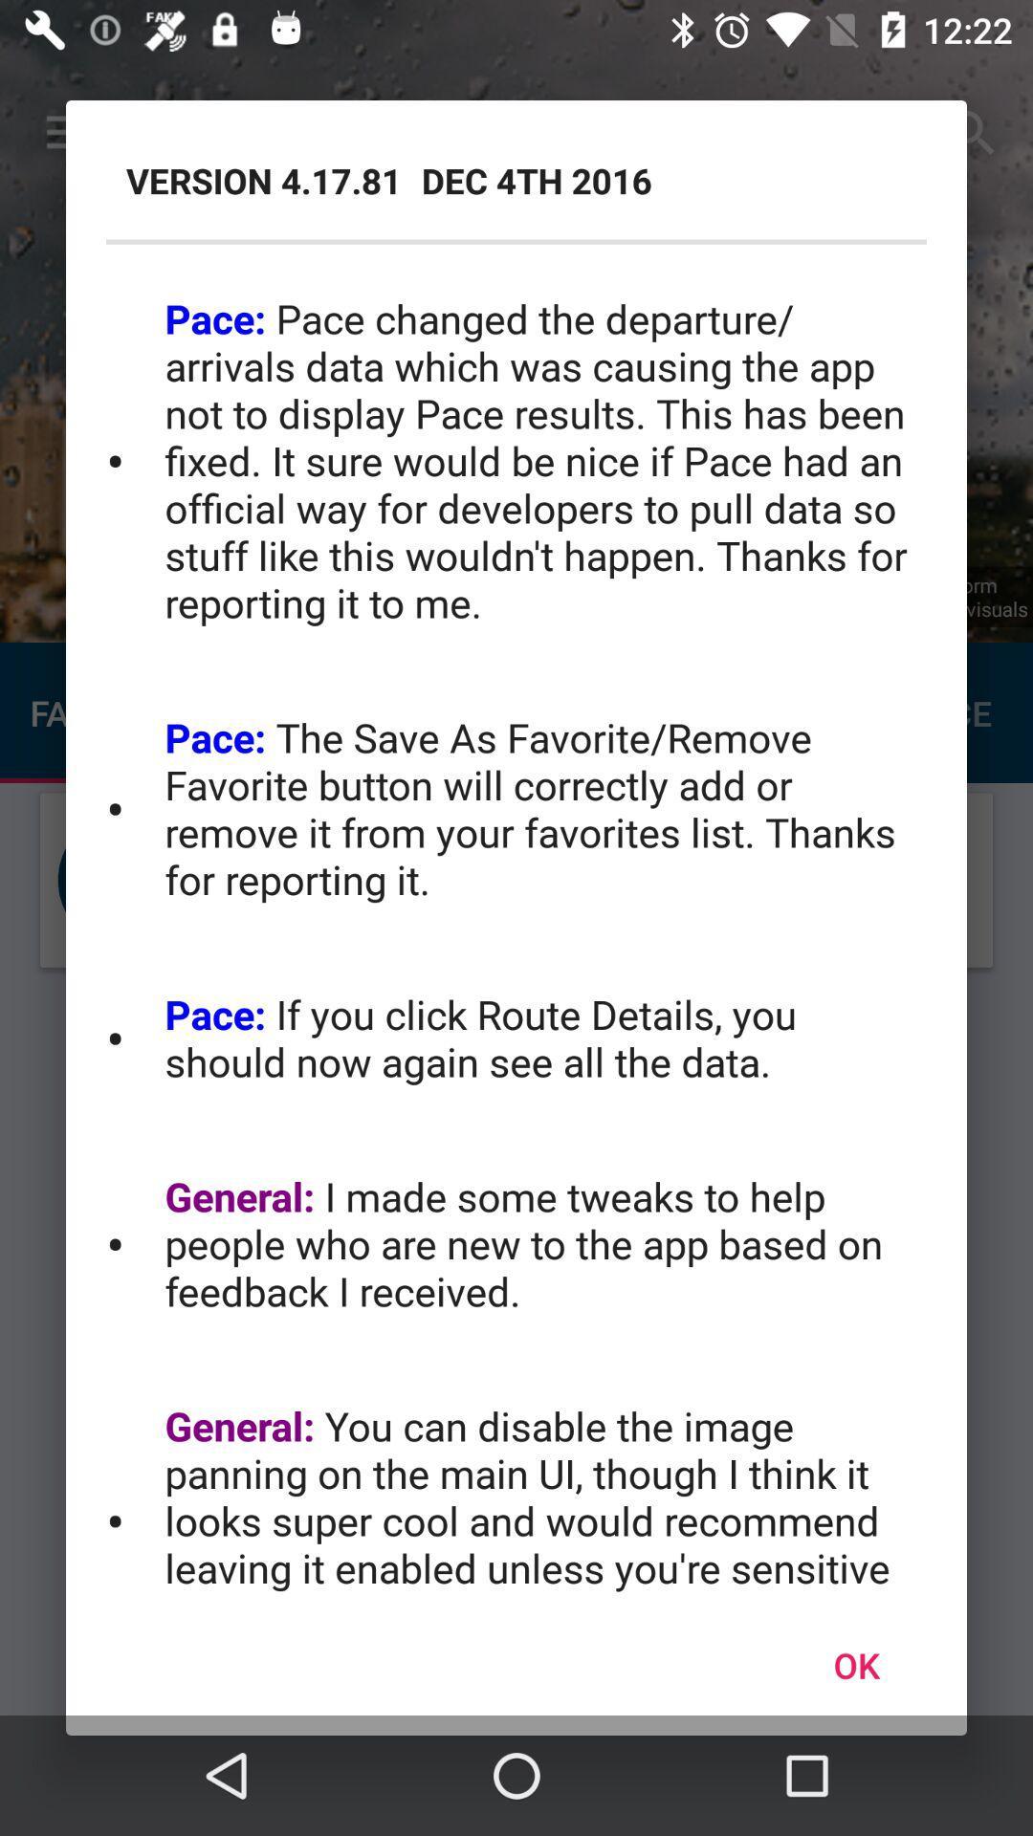 This screenshot has width=1033, height=1836. What do you see at coordinates (855, 1664) in the screenshot?
I see `the ok icon` at bounding box center [855, 1664].